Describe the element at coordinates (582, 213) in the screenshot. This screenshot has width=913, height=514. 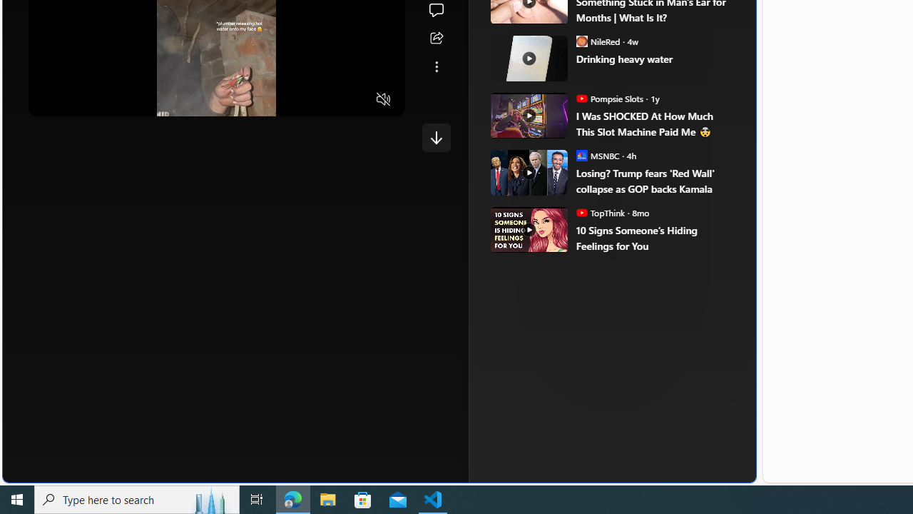
I see `'TopThink'` at that location.